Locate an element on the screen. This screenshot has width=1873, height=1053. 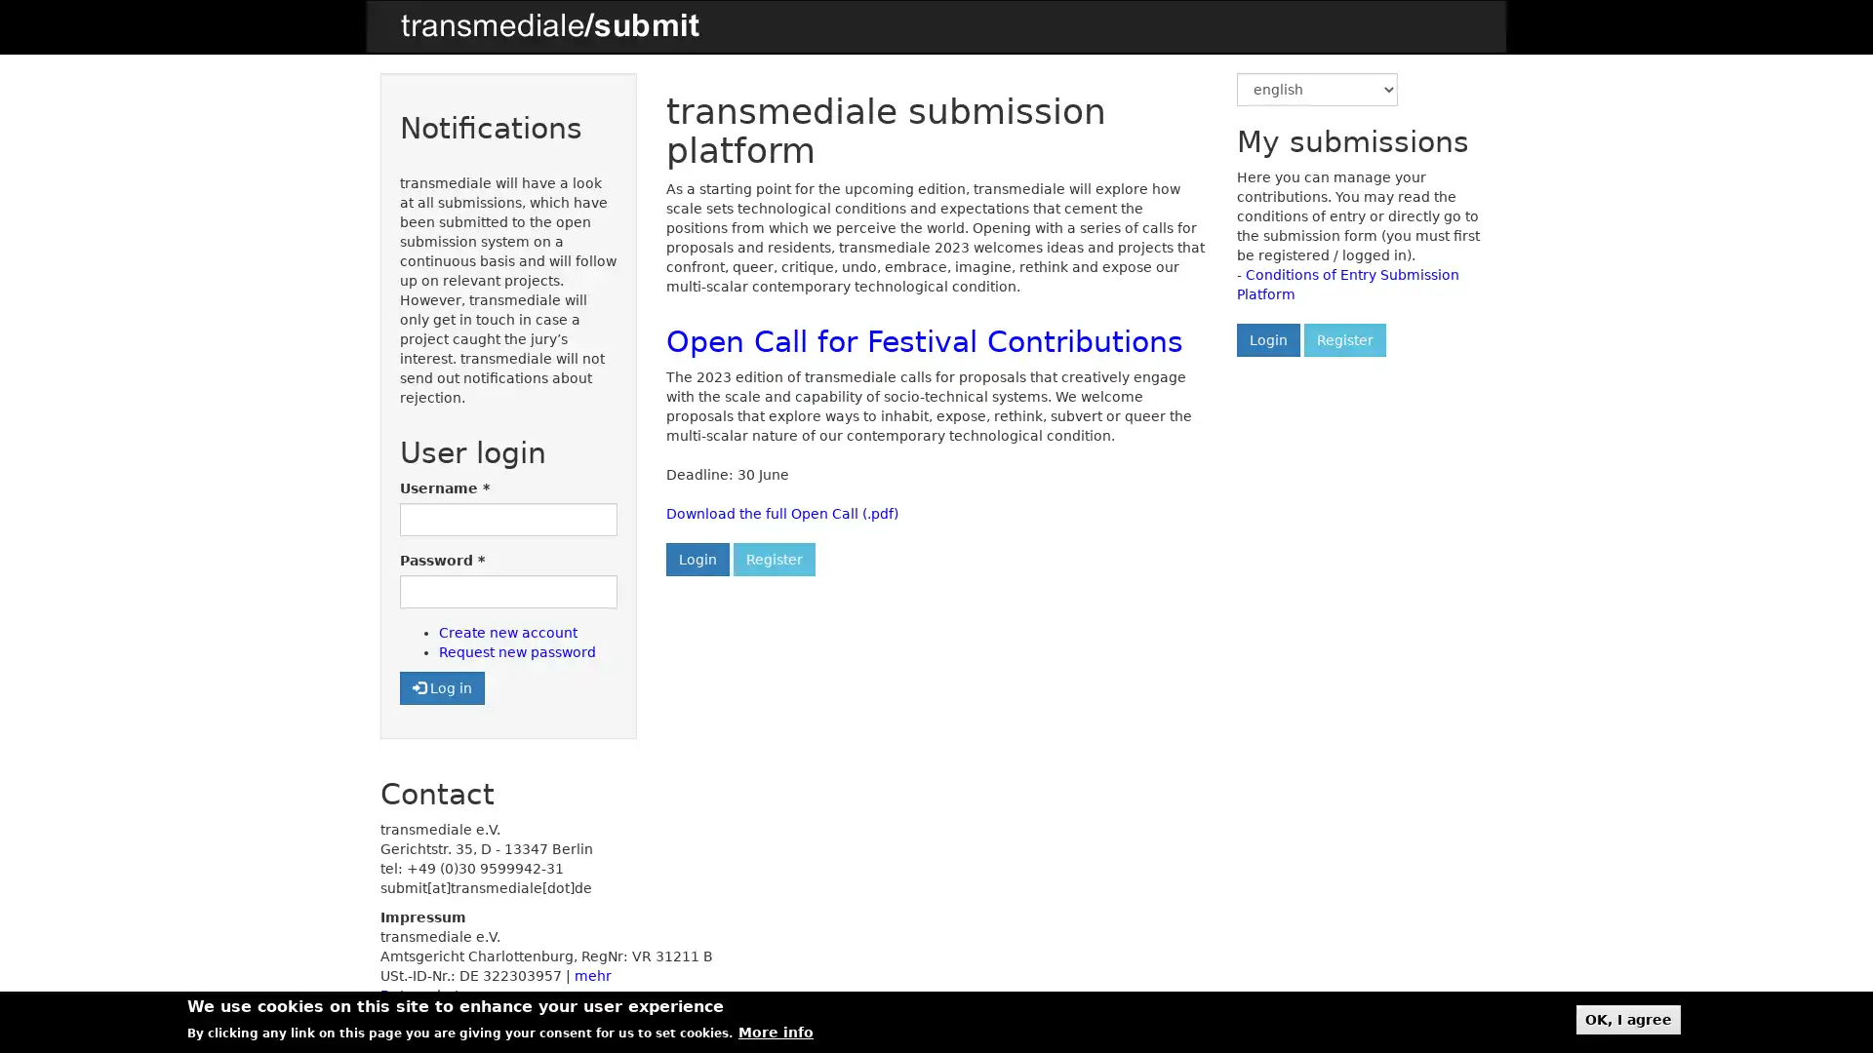
Register is located at coordinates (772, 560).